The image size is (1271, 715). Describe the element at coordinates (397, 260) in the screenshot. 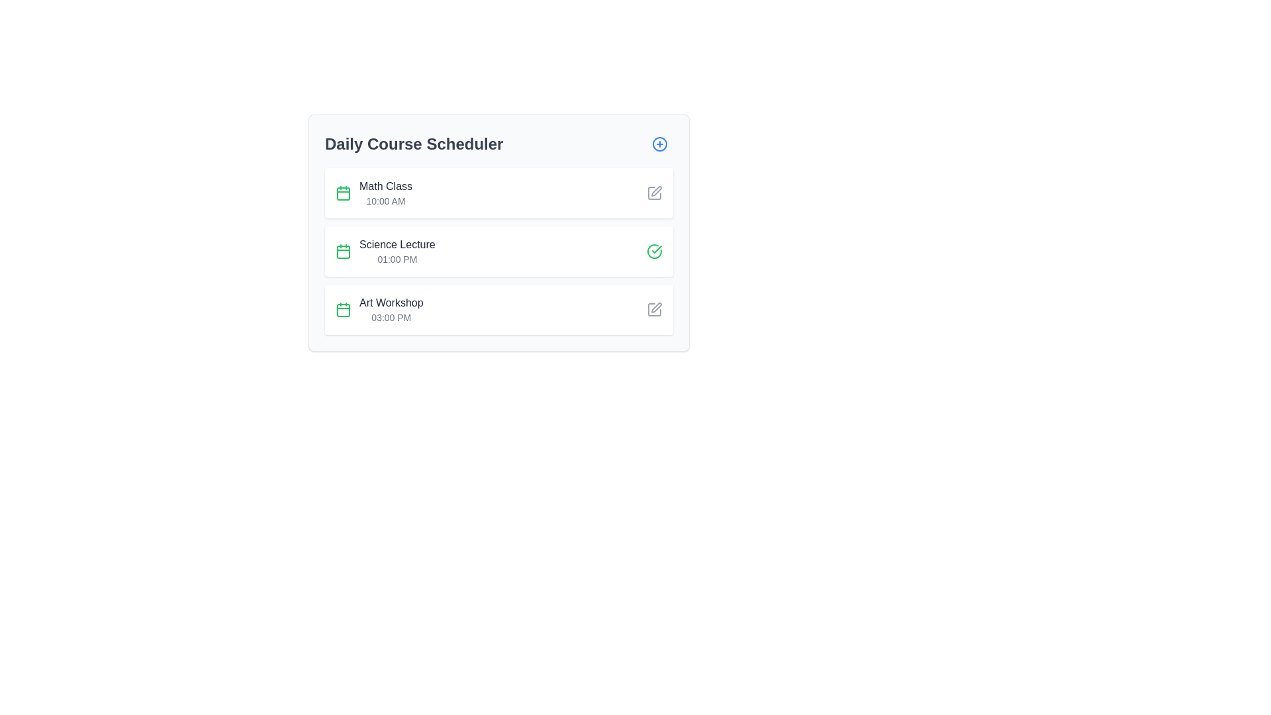

I see `the static text label displaying '01:00 PM', which is positioned below 'Science Lecture' in the course schedule list` at that location.